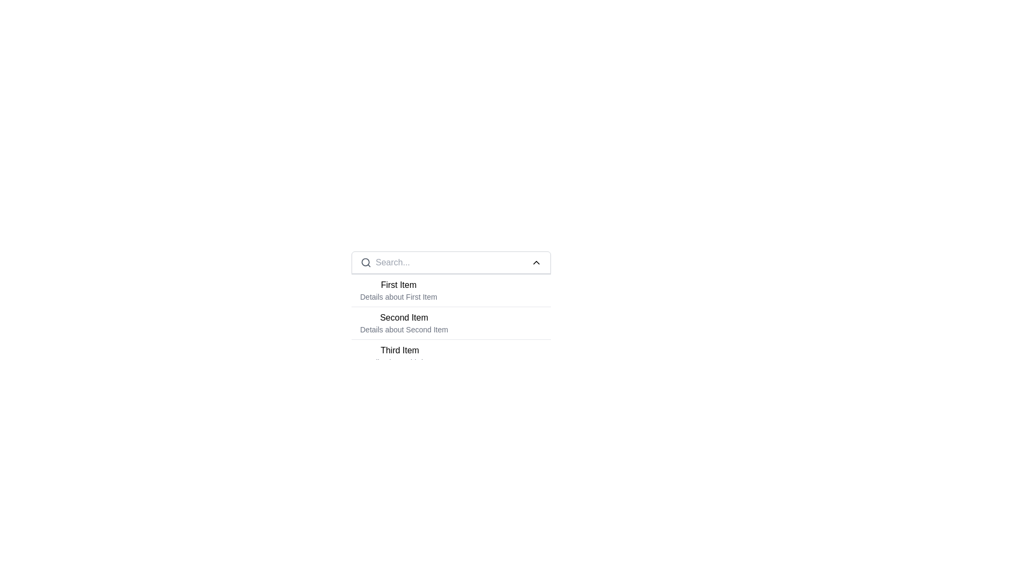  I want to click on circular graphical SVG component that represents the search function within the magnifying glass icon, located at the specified coordinates for UI debugging, so click(366, 262).